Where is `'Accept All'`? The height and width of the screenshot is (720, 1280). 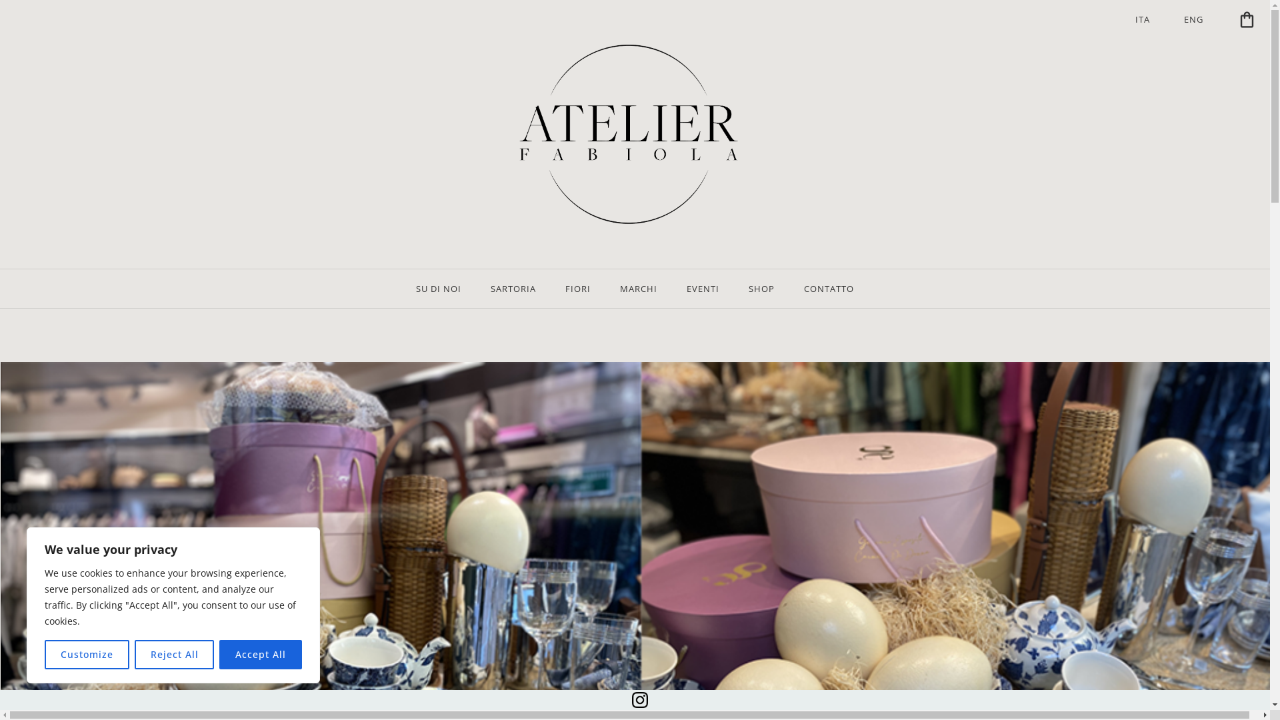 'Accept All' is located at coordinates (260, 654).